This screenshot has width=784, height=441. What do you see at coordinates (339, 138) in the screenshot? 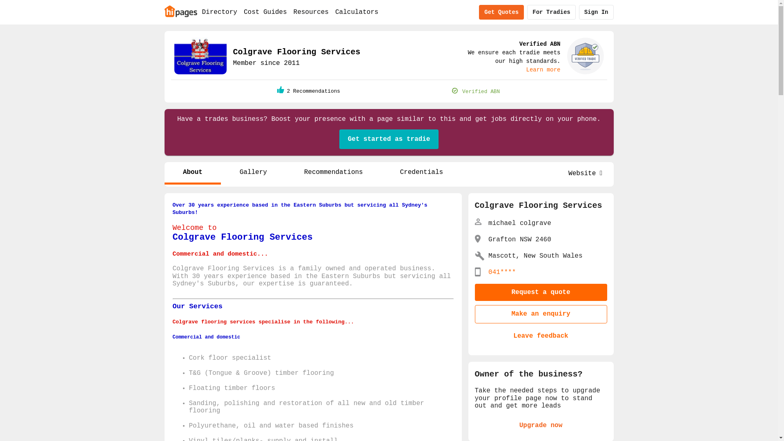
I see `'Get started as tradie'` at bounding box center [339, 138].